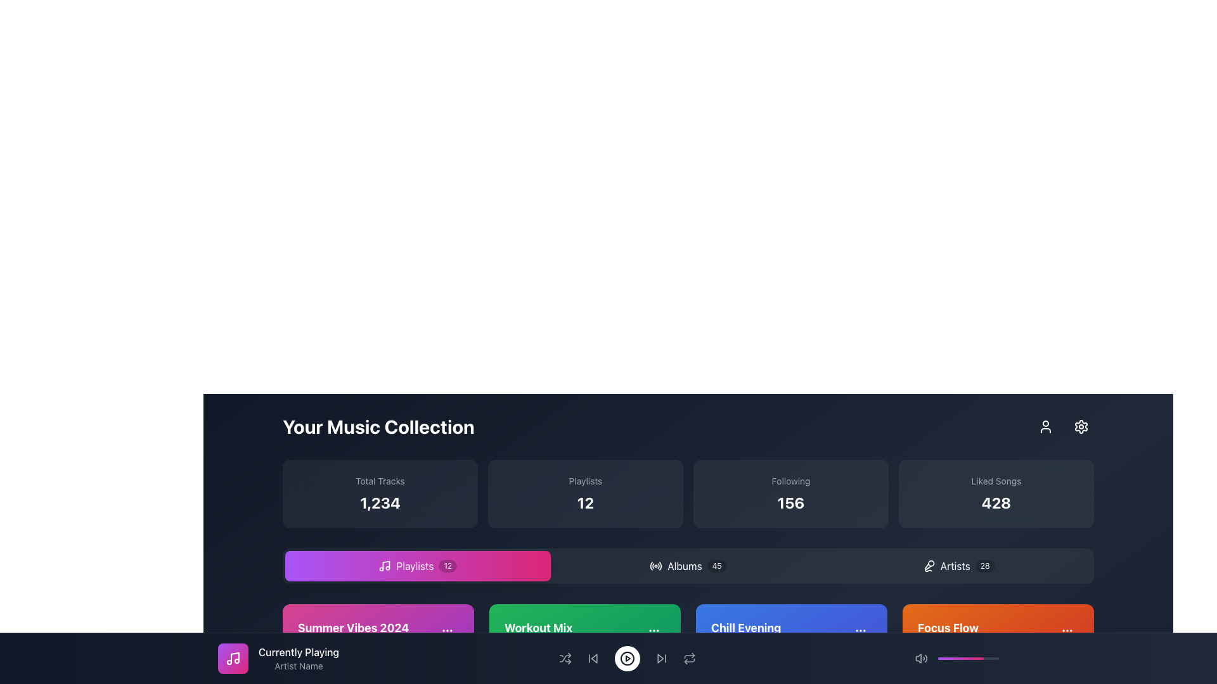 This screenshot has height=684, width=1217. I want to click on the backward skip control button, which is the third button from the left in the media player controls, to change its color to white, so click(592, 658).